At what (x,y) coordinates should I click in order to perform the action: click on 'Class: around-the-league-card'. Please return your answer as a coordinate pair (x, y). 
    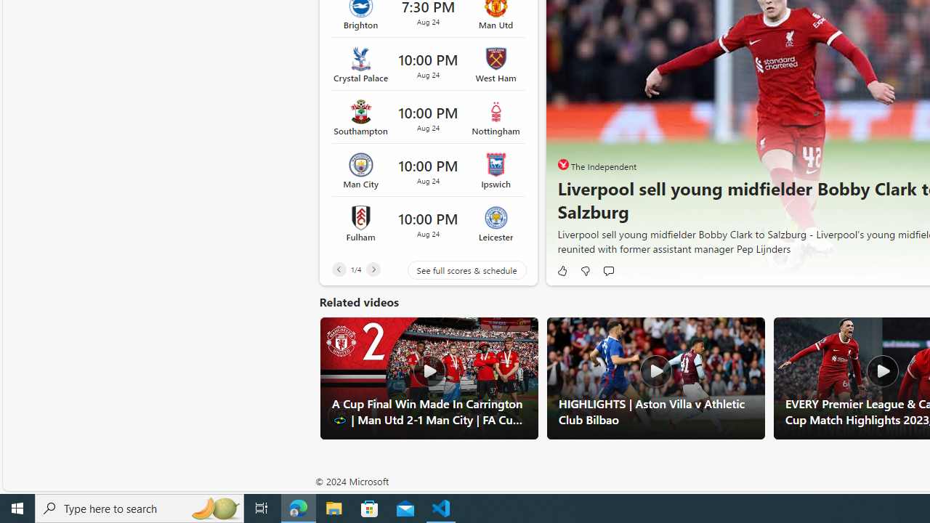
    Looking at the image, I should click on (427, 223).